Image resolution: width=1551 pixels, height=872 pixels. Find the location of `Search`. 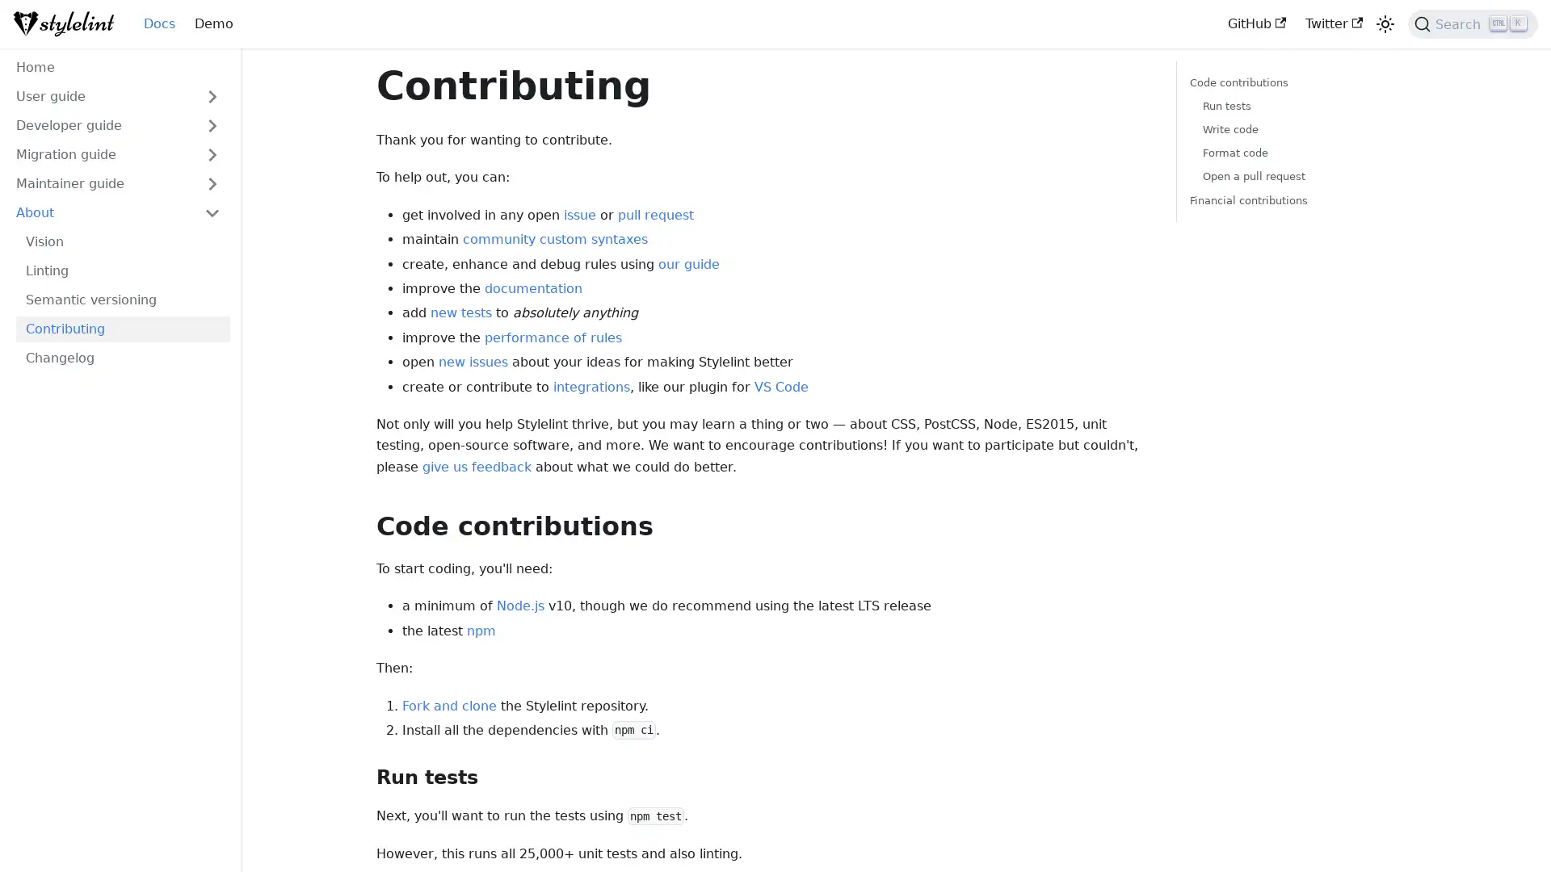

Search is located at coordinates (1473, 24).